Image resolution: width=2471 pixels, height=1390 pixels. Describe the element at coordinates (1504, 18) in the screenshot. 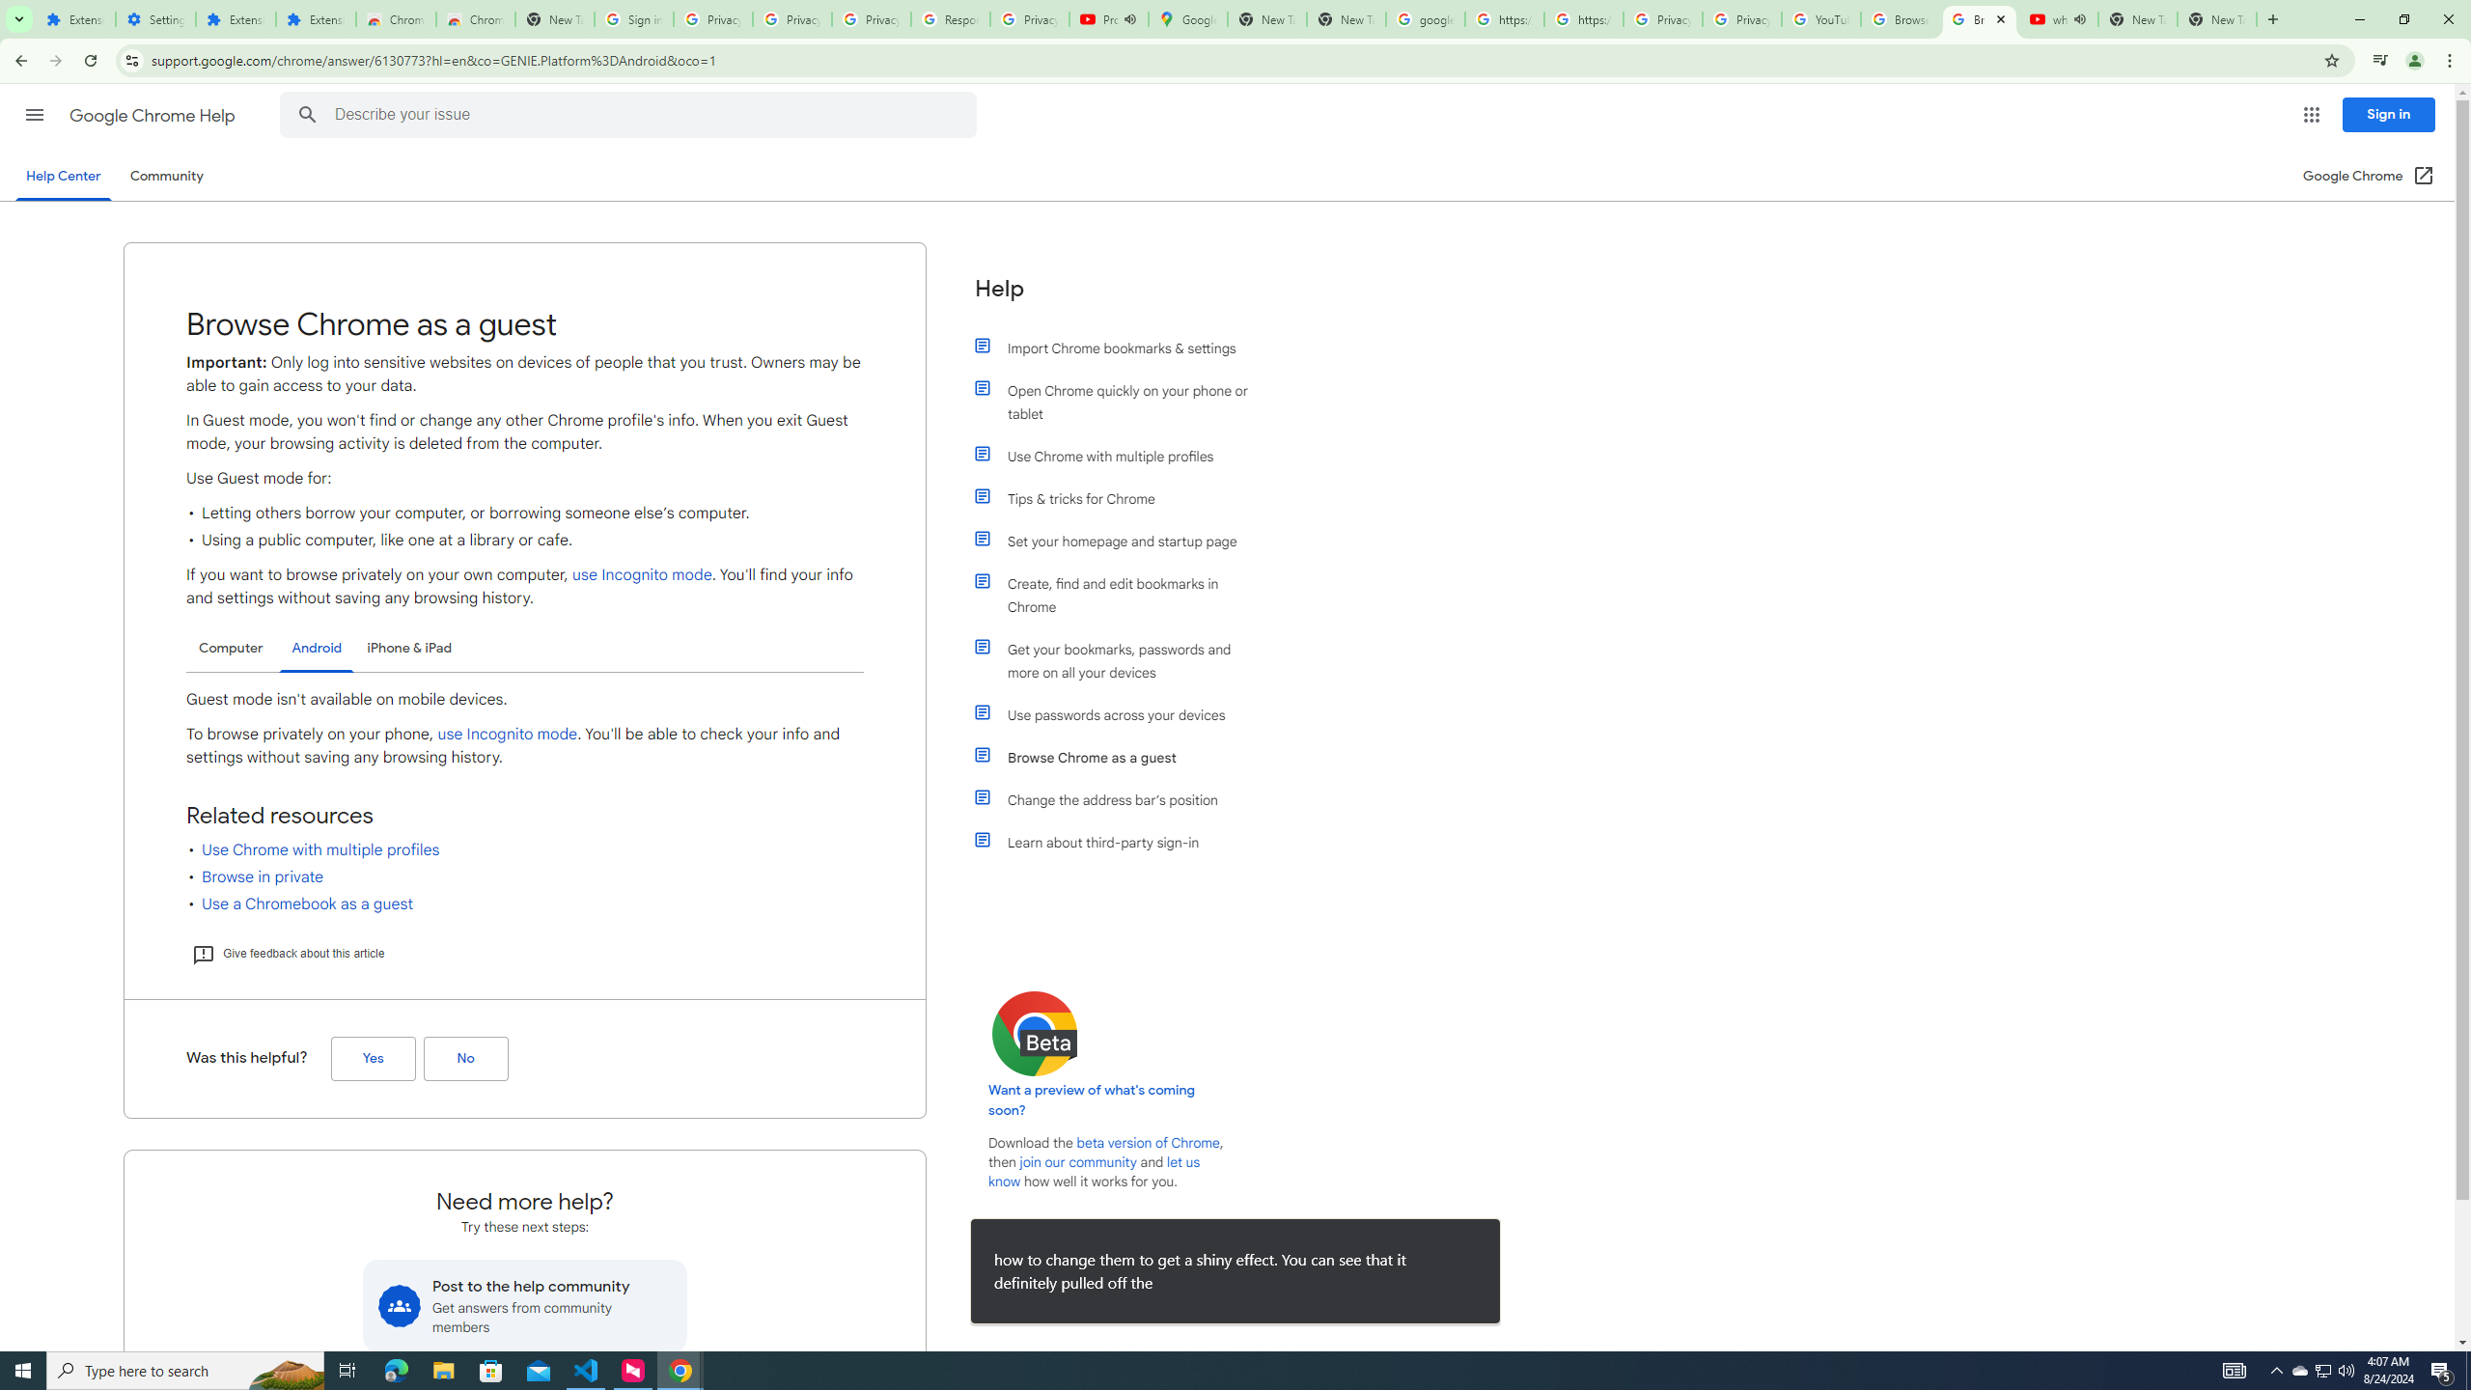

I see `'https://scholar.google.com/'` at that location.